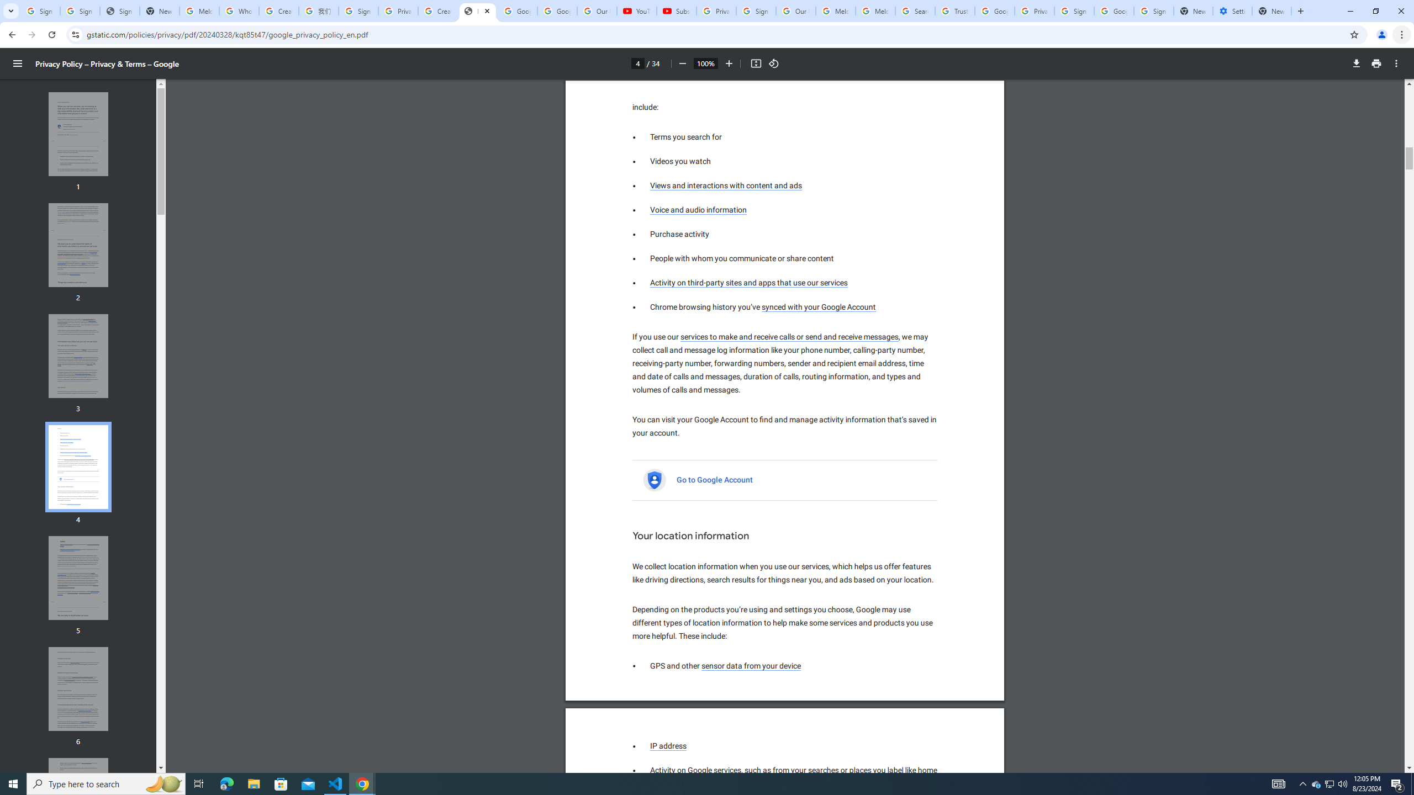  I want to click on 'Reload', so click(51, 34).